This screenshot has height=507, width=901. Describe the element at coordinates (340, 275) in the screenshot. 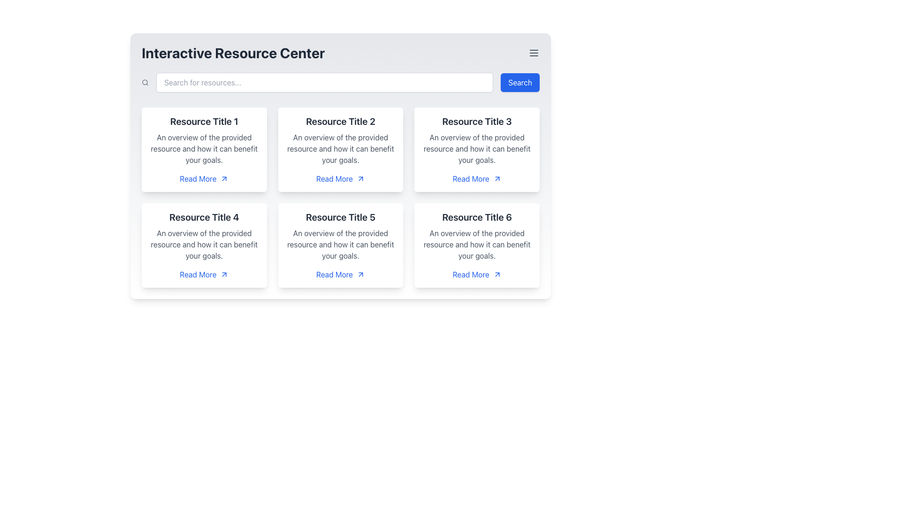

I see `the 'Read More' hyperlink in the card titled 'Resource Title 5'` at that location.